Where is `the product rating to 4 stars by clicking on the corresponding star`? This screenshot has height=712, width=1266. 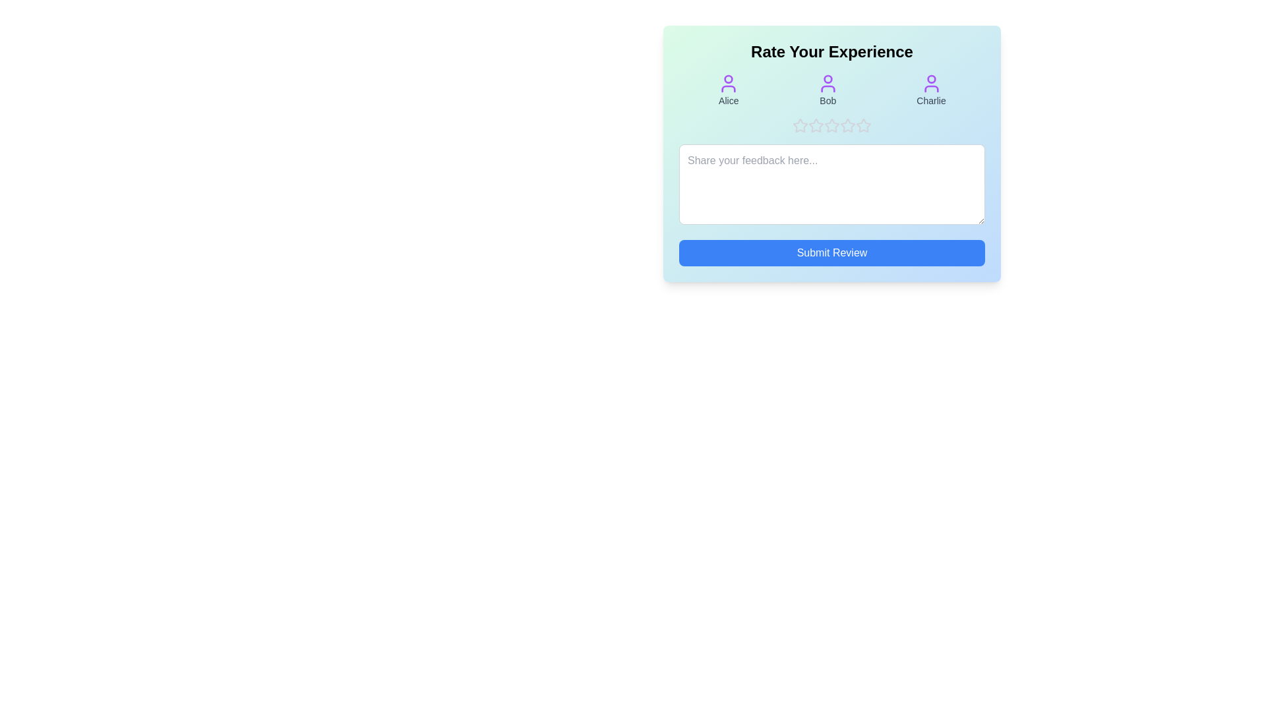 the product rating to 4 stars by clicking on the corresponding star is located at coordinates (848, 126).